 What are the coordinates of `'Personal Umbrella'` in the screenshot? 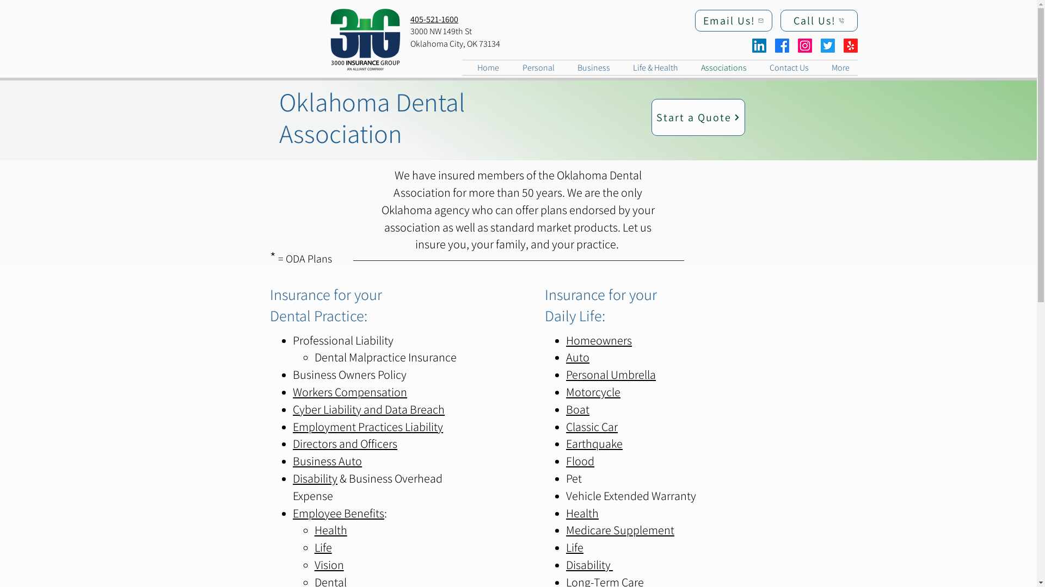 It's located at (611, 374).